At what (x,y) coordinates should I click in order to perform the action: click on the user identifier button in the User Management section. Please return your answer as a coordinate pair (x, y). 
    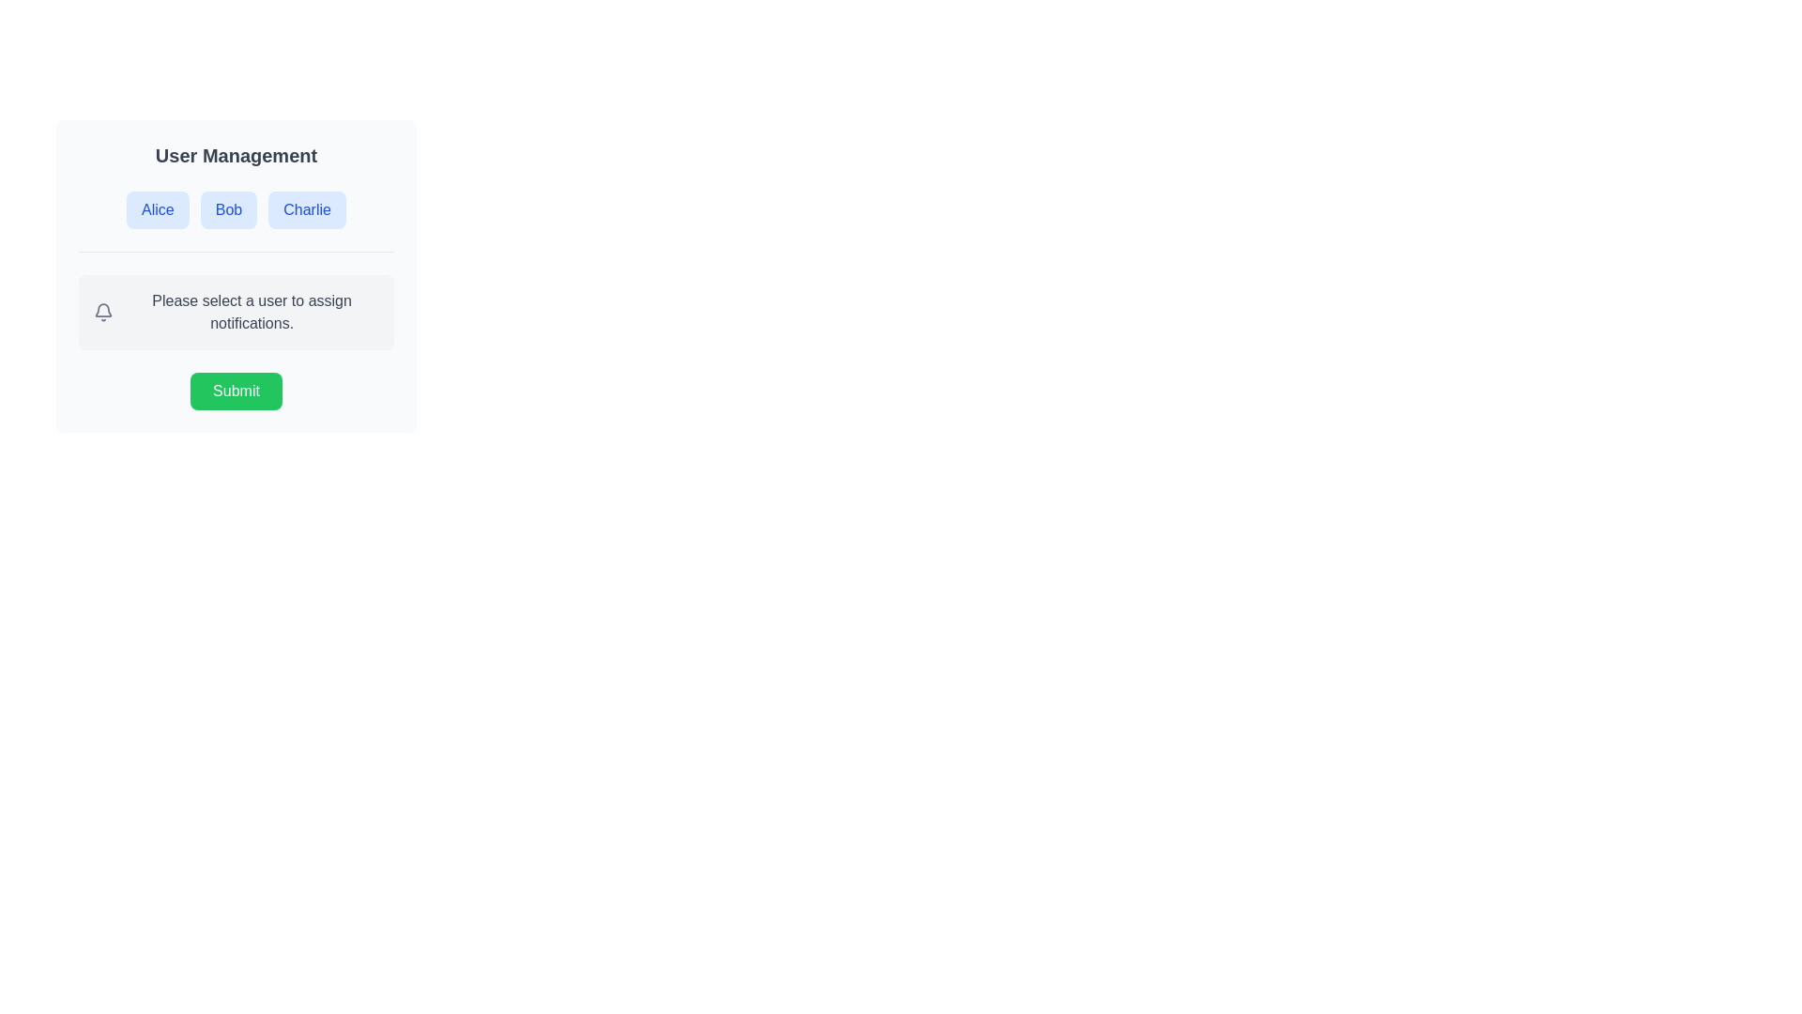
    Looking at the image, I should click on (236, 209).